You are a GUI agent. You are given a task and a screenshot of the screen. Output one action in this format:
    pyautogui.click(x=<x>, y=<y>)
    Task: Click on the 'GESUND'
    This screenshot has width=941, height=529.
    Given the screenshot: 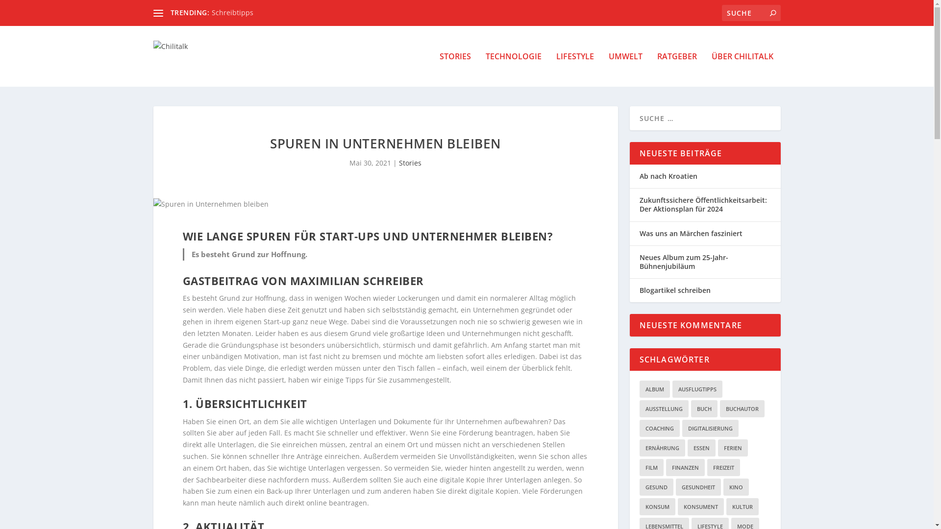 What is the action you would take?
    pyautogui.click(x=656, y=487)
    